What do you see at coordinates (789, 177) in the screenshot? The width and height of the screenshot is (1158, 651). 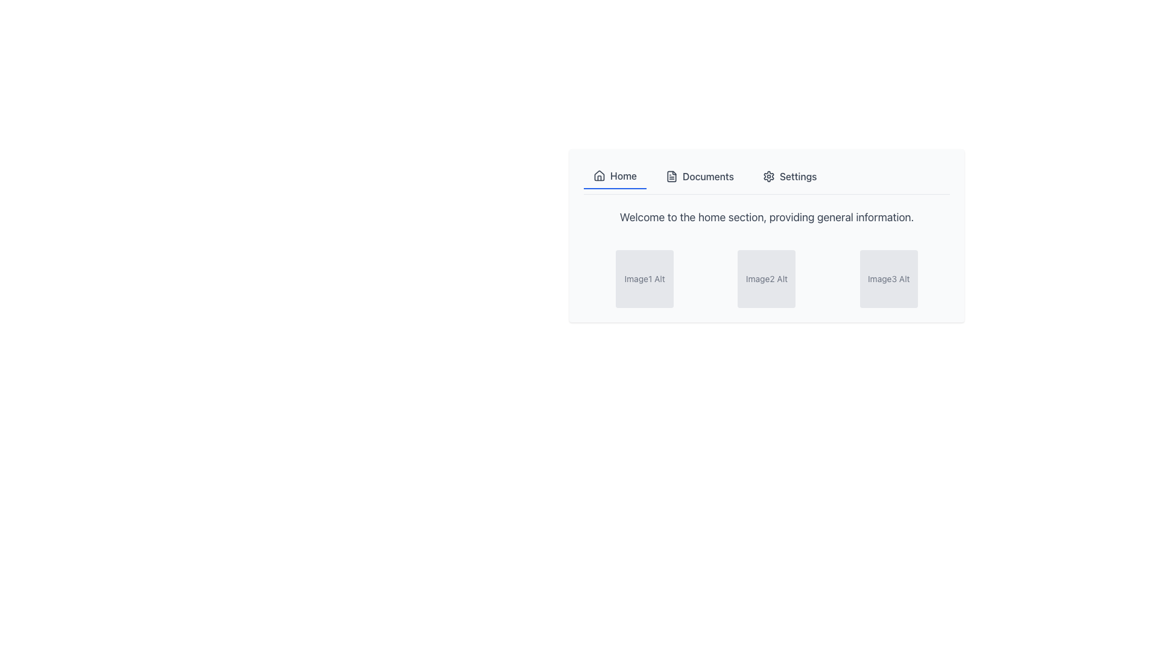 I see `the third button in the horizontal navigation bar` at bounding box center [789, 177].